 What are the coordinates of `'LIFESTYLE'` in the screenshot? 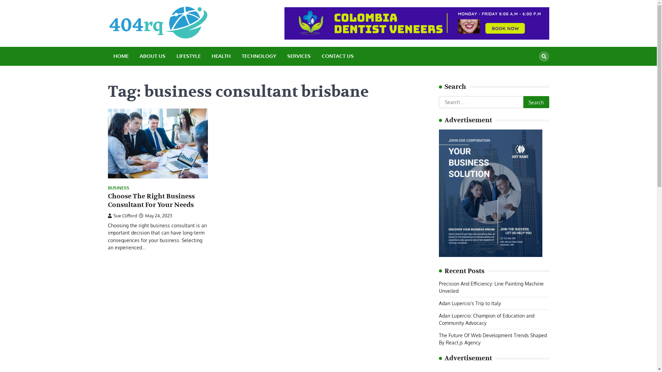 It's located at (189, 56).